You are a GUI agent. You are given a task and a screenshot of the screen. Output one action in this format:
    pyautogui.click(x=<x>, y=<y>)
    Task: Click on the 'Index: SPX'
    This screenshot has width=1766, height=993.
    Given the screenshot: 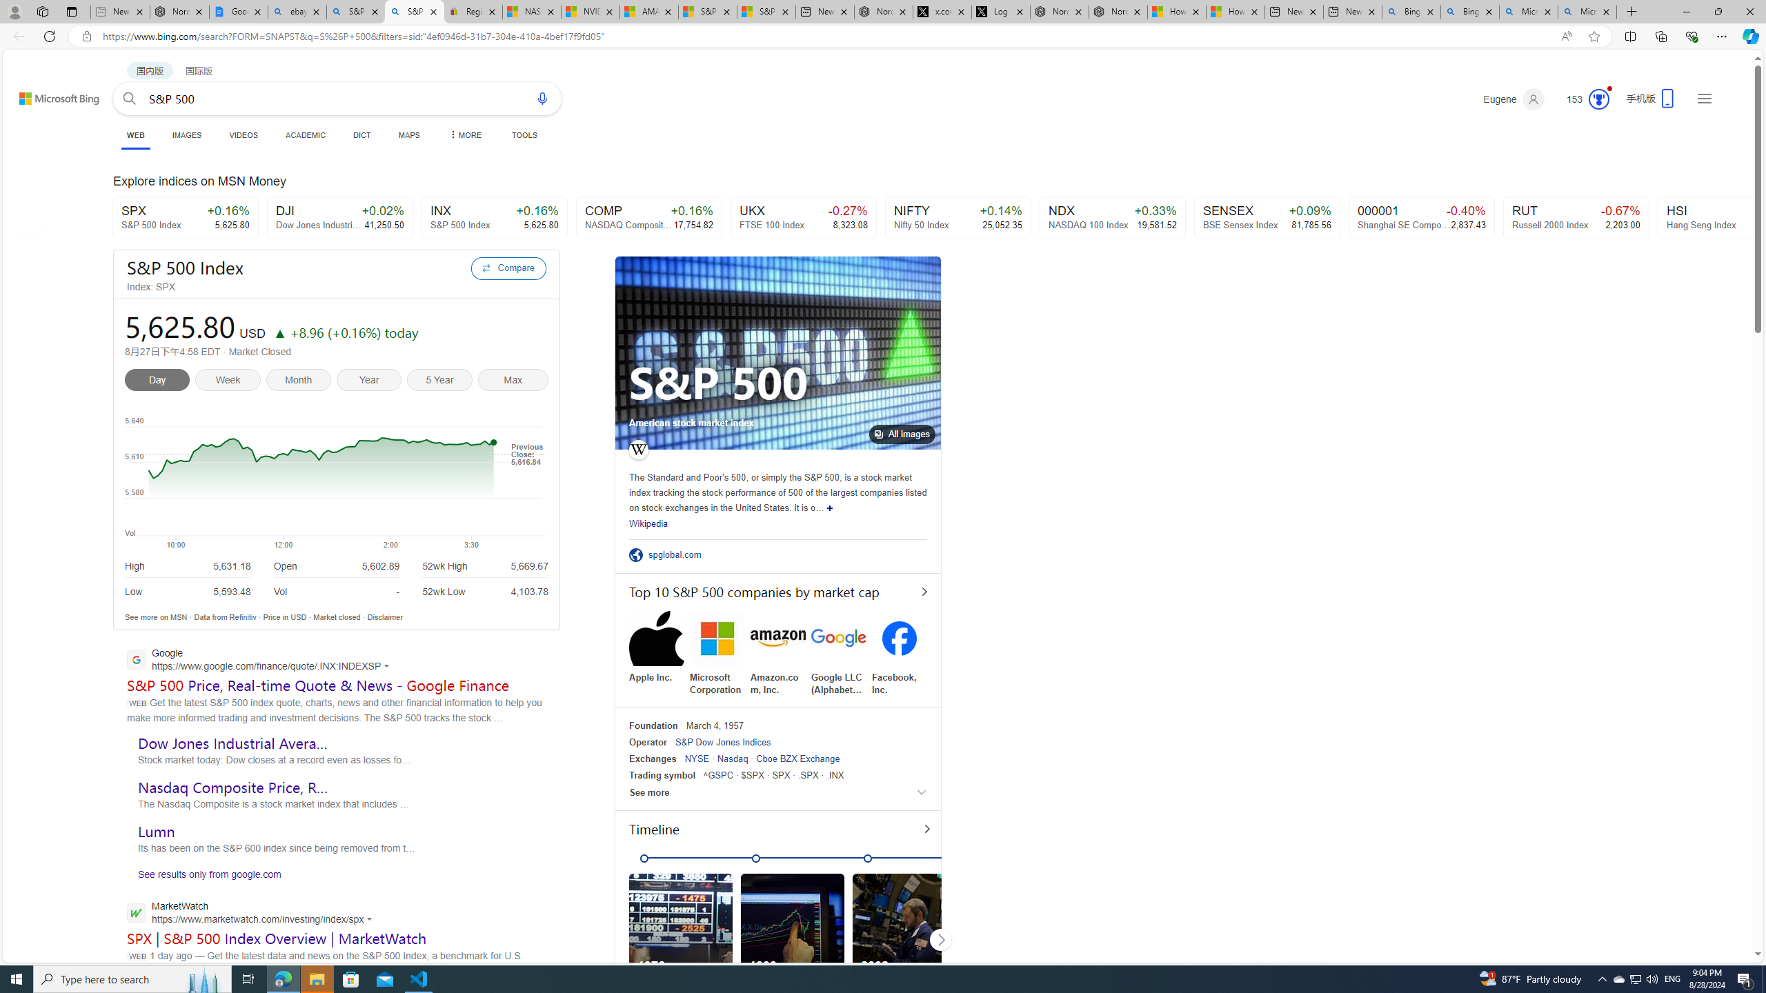 What is the action you would take?
    pyautogui.click(x=295, y=286)
    